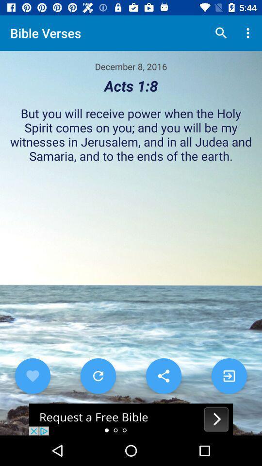 The image size is (262, 466). Describe the element at coordinates (229, 375) in the screenshot. I see `the launch icon` at that location.